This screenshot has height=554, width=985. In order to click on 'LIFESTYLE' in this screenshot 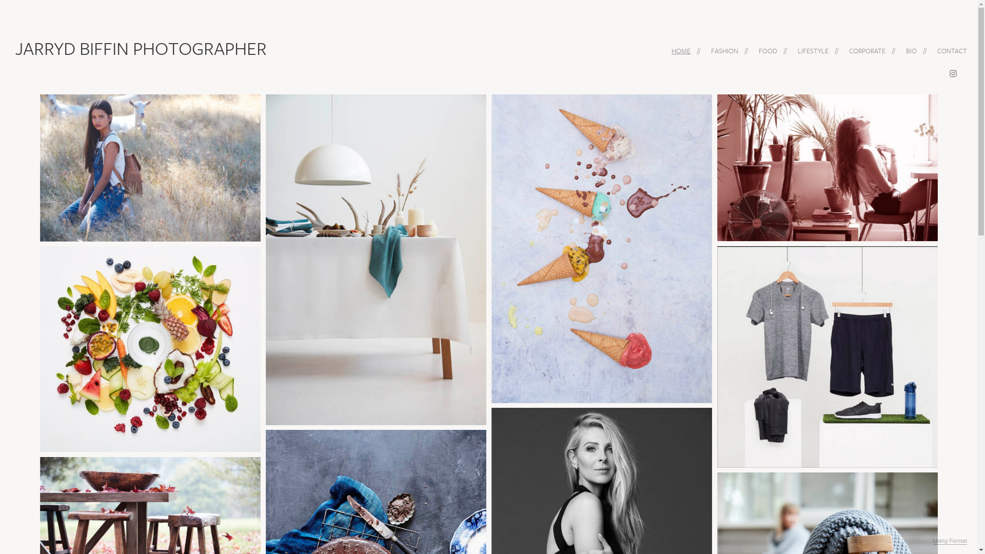, I will do `click(797, 49)`.